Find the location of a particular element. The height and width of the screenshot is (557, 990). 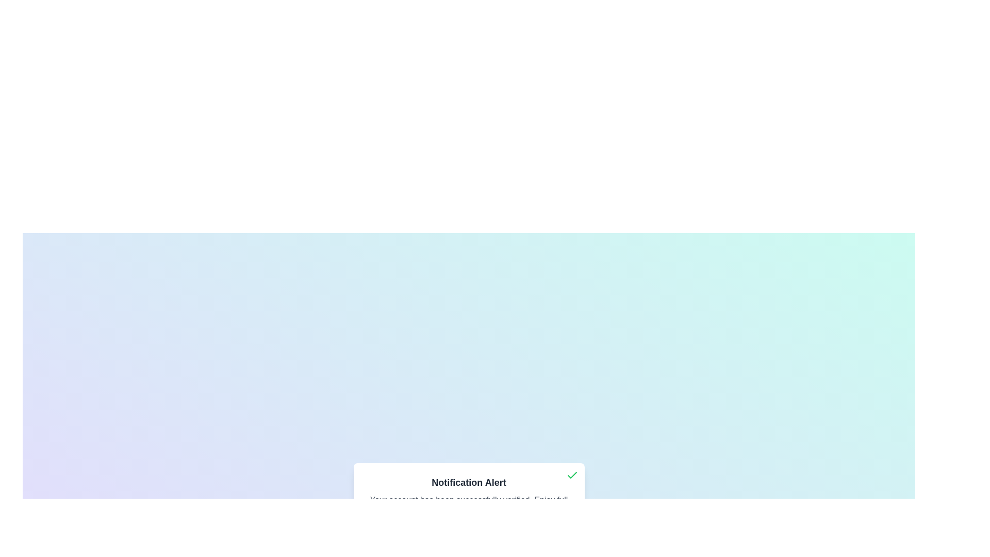

the visual icon at the top-right corner of the alert box is located at coordinates (571, 475).